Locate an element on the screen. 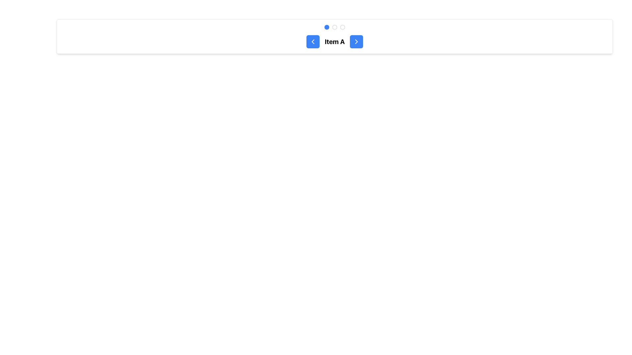  the second circular step indicator located above the text label 'Item A' is located at coordinates (335, 27).